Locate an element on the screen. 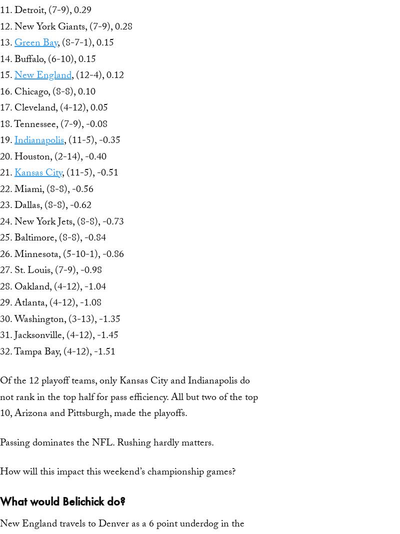  '16. Chicago, (8-8), 0.10' is located at coordinates (47, 92).